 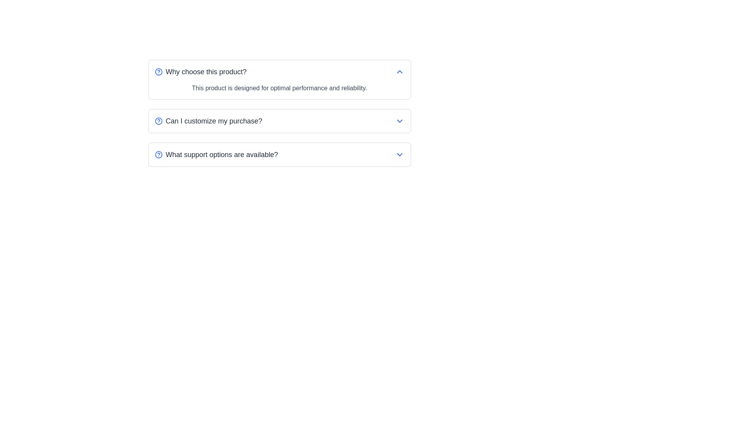 I want to click on the Interactive FAQ question toggle containing the blue question icon and the text 'Can I customize my purchase?' to expand or collapse additional content, so click(x=208, y=121).